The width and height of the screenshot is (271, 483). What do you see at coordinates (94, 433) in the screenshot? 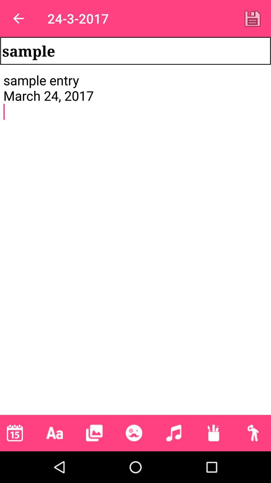
I see `the item below the sample entry march icon` at bounding box center [94, 433].